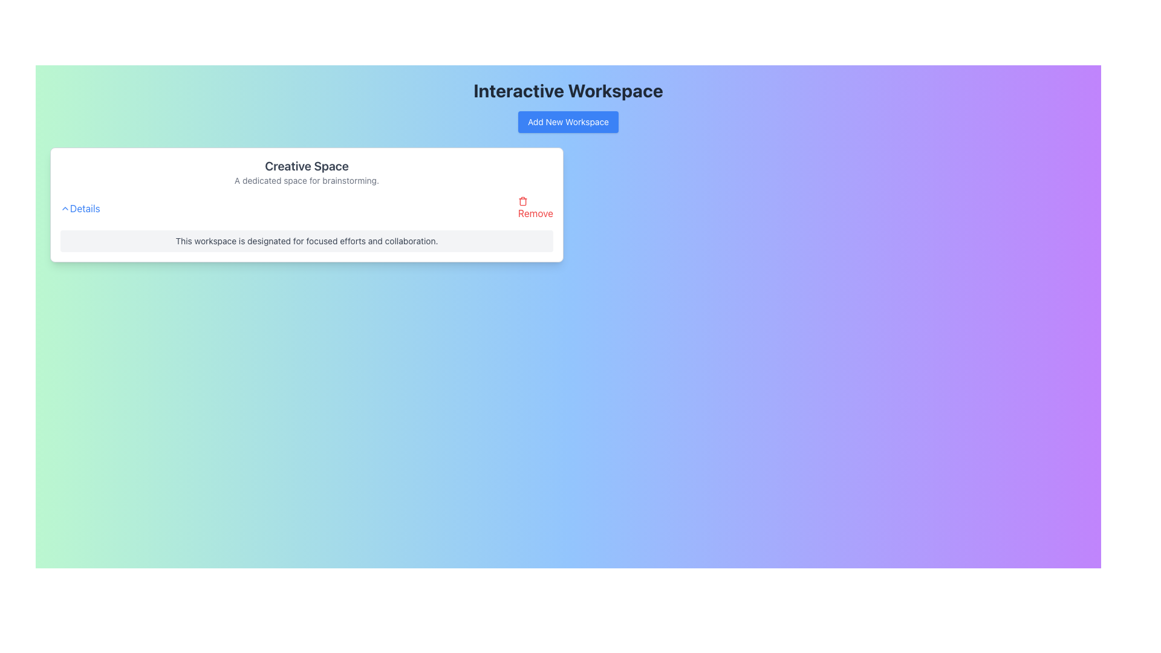 The height and width of the screenshot is (653, 1161). Describe the element at coordinates (568, 106) in the screenshot. I see `the 'Add New Workspace' button located beneath the 'Interactive Workspace' title` at that location.